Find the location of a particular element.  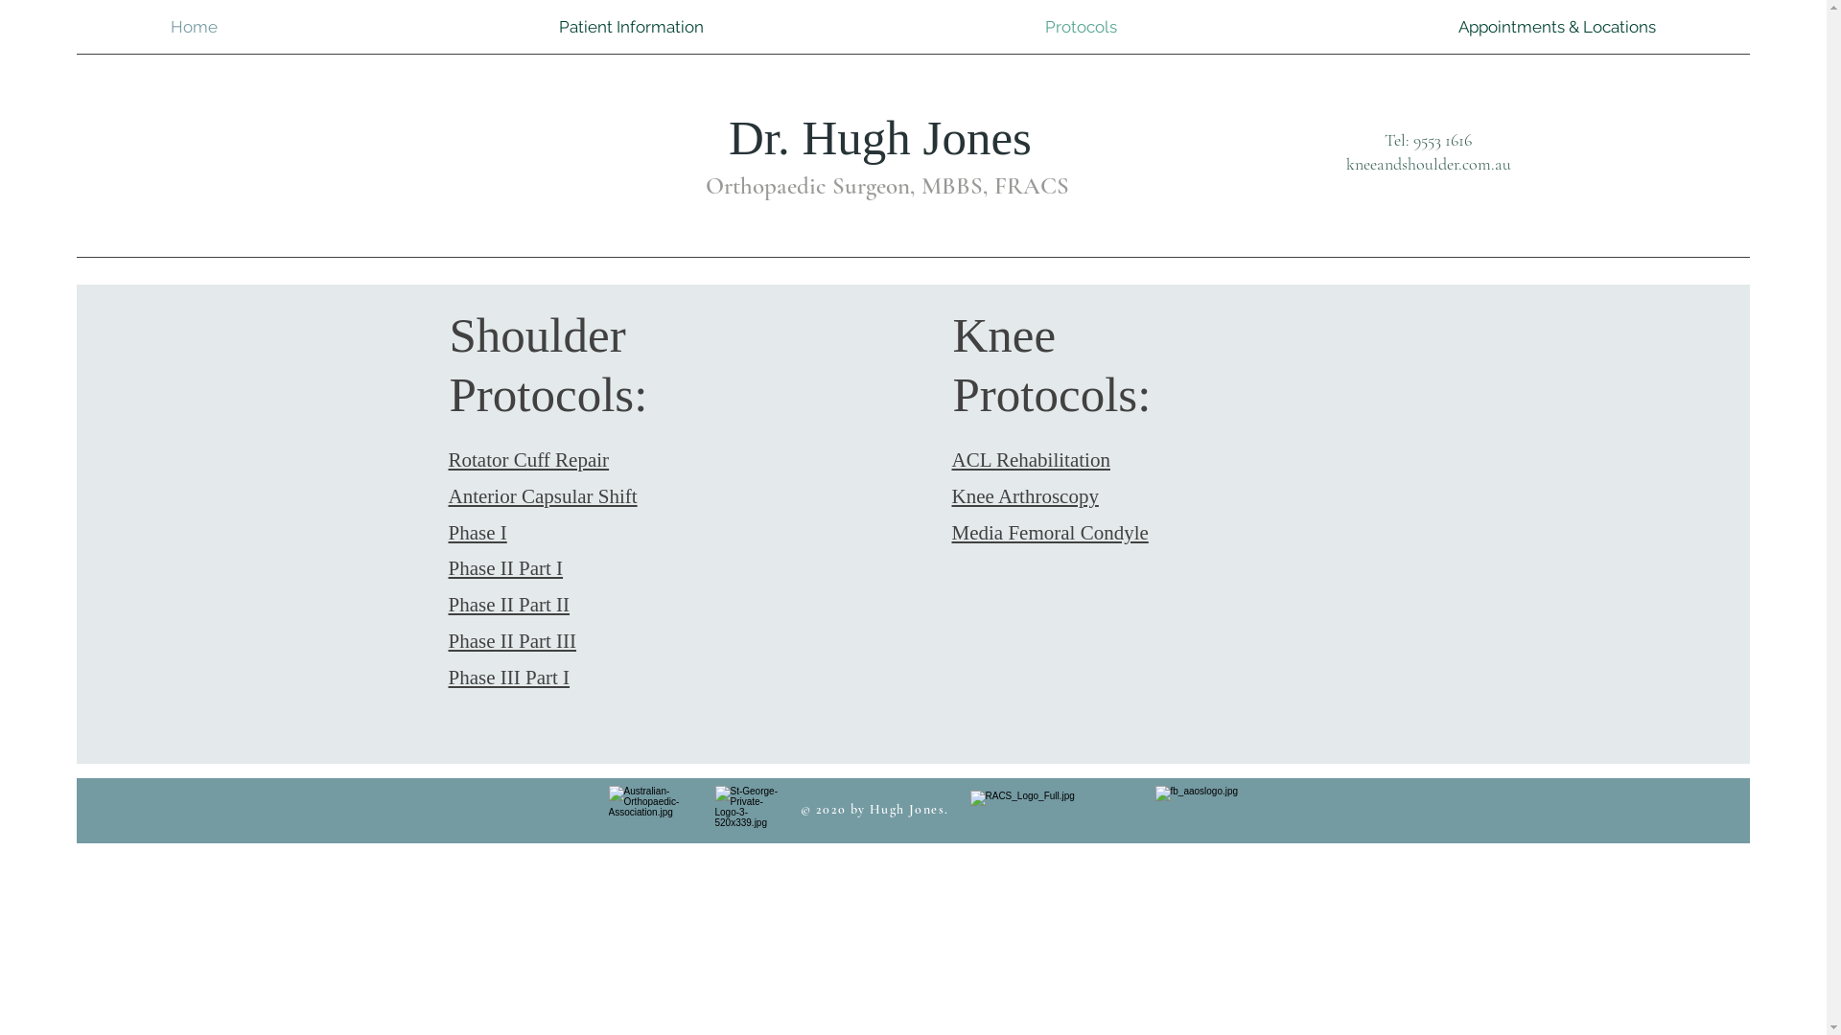

'Shoulder Protocols:' is located at coordinates (547, 365).